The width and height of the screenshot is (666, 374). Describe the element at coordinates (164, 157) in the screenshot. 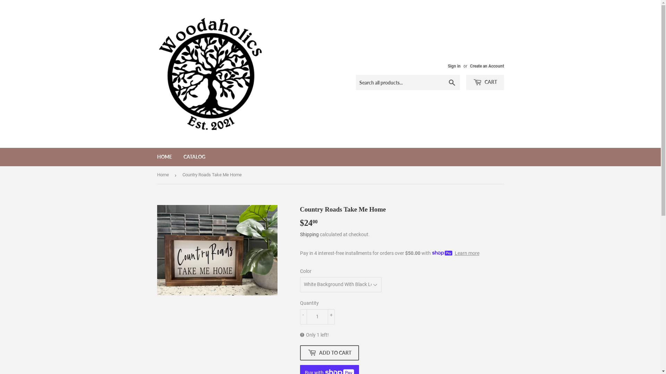

I see `'HOME'` at that location.